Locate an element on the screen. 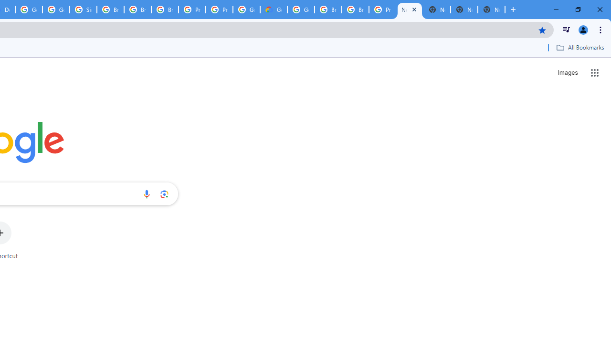 The image size is (611, 343). 'Sign in - Google Accounts' is located at coordinates (83, 10).